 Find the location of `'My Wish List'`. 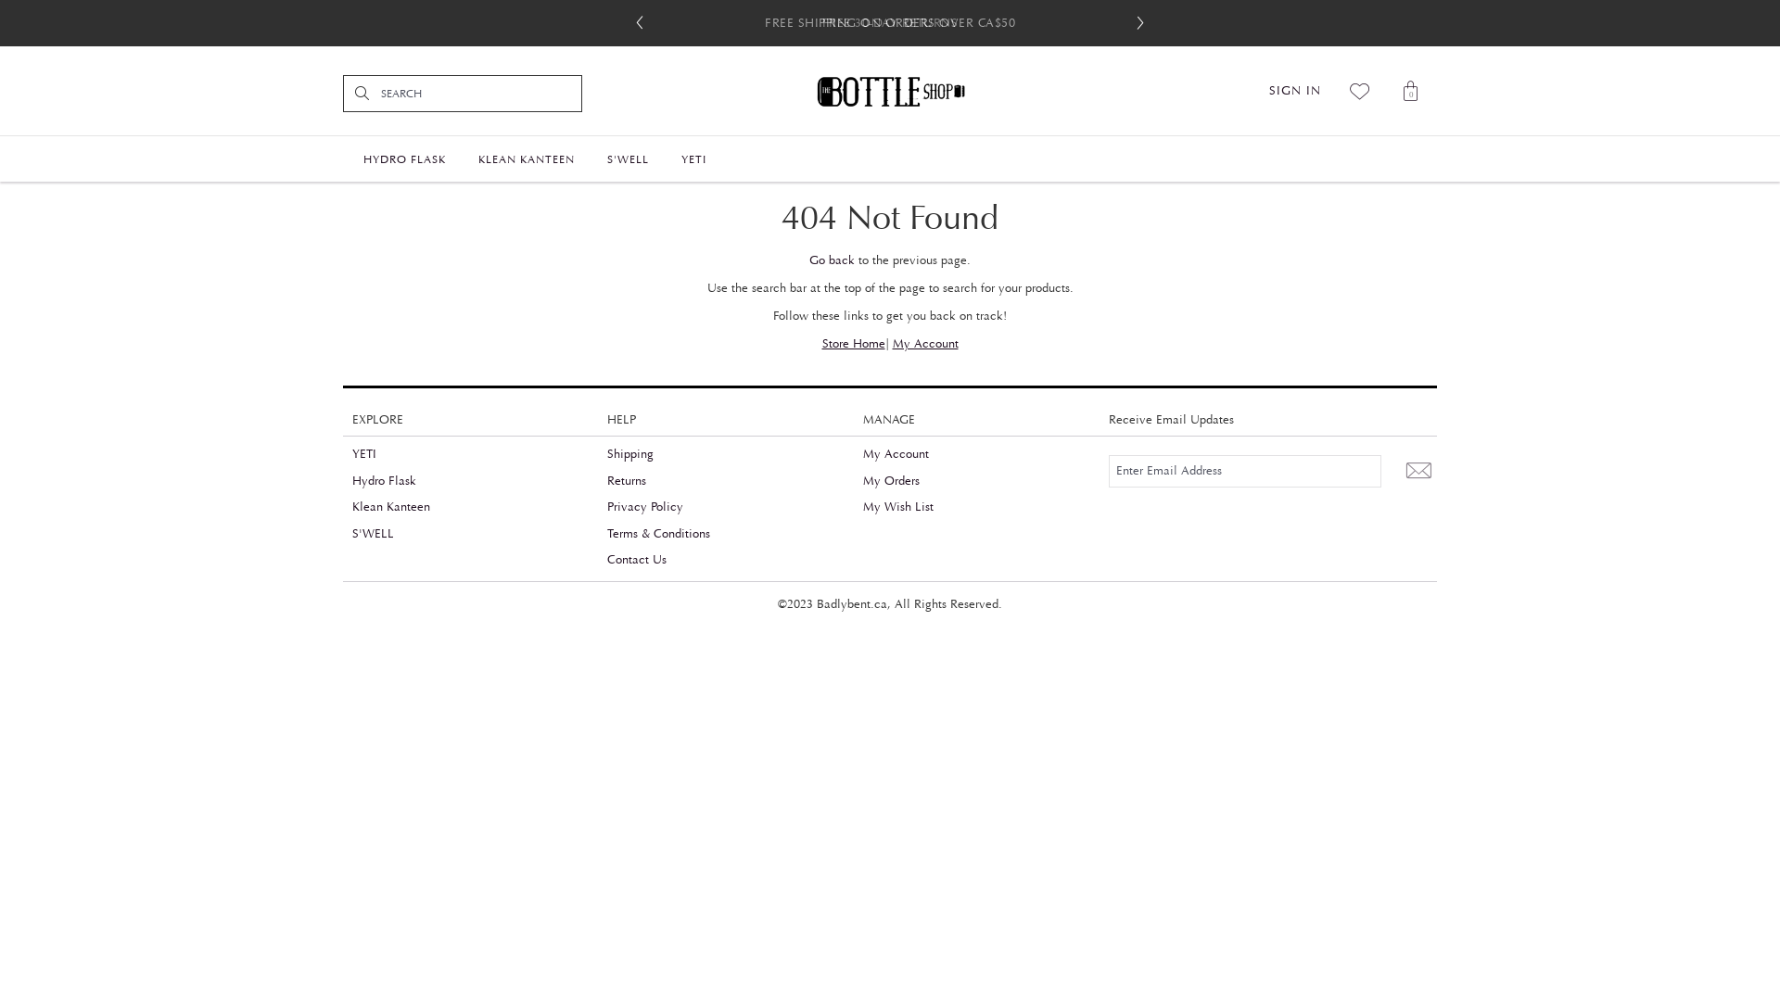

'My Wish List' is located at coordinates (862, 507).